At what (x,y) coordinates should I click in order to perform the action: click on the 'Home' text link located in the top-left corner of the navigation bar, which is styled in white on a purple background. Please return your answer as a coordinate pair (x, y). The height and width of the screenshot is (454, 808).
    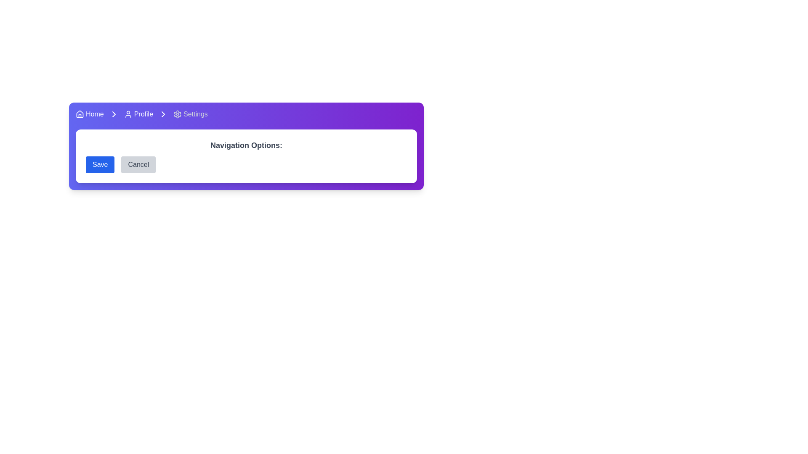
    Looking at the image, I should click on (95, 114).